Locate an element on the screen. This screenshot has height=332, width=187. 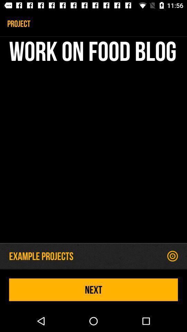
the work on food is located at coordinates (93, 141).